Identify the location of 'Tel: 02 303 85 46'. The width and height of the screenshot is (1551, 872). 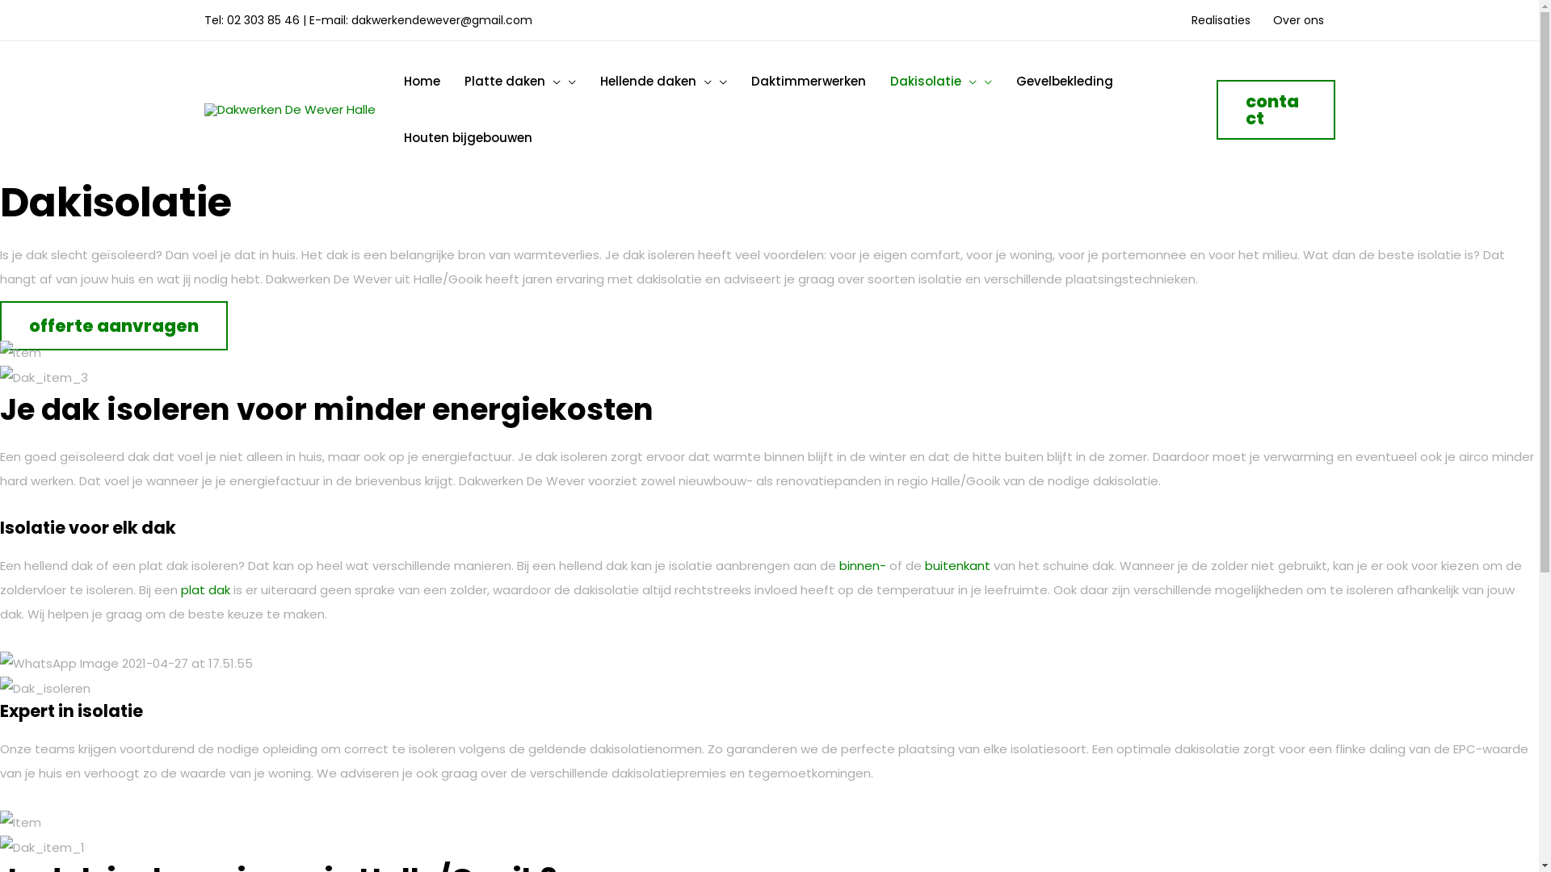
(203, 19).